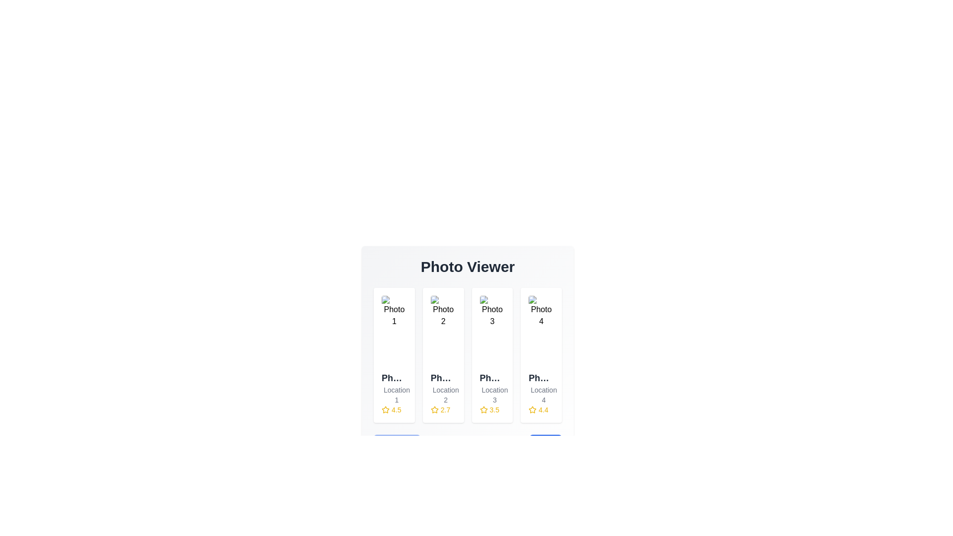  I want to click on the yellow star icon representing the rating or favorite function located below the text '3.5' in the third column of the 'Photo Viewer' component, so click(483, 409).